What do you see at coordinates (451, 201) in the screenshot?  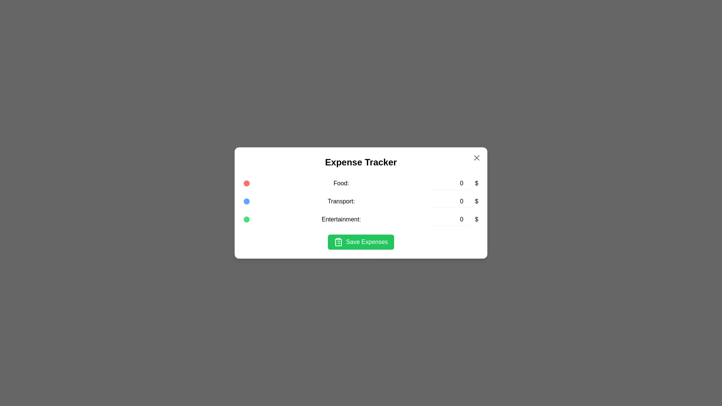 I see `the expense amount for the 'Transport' category to 7063` at bounding box center [451, 201].